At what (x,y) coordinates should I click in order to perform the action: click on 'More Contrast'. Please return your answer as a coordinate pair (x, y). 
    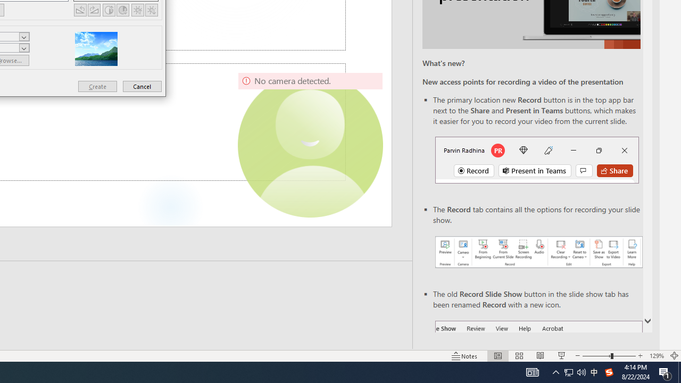
    Looking at the image, I should click on (109, 10).